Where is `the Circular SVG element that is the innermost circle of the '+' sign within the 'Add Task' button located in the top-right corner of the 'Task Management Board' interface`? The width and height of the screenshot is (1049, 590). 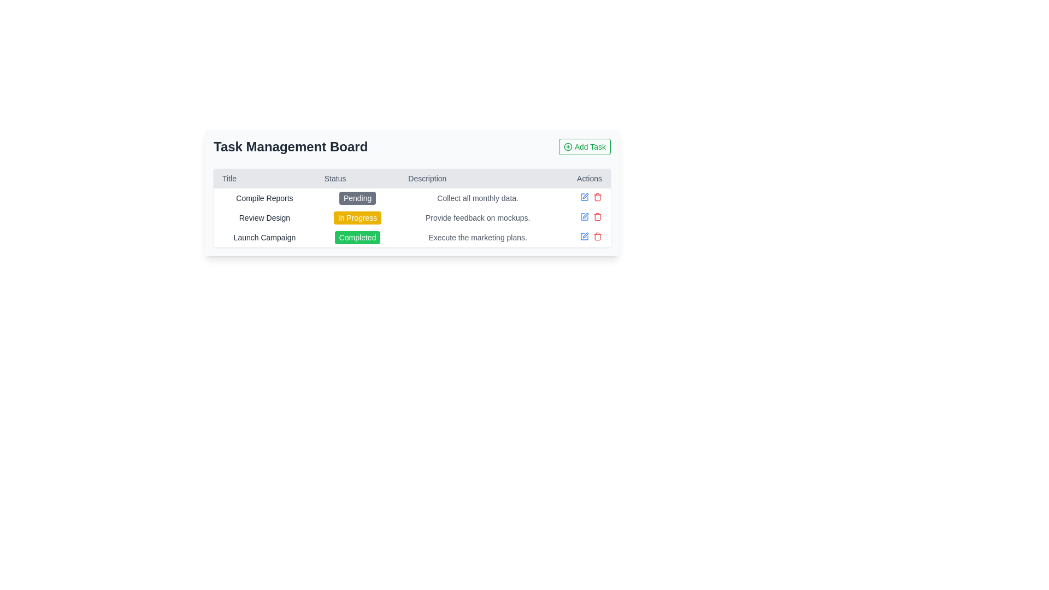 the Circular SVG element that is the innermost circle of the '+' sign within the 'Add Task' button located in the top-right corner of the 'Task Management Board' interface is located at coordinates (568, 146).